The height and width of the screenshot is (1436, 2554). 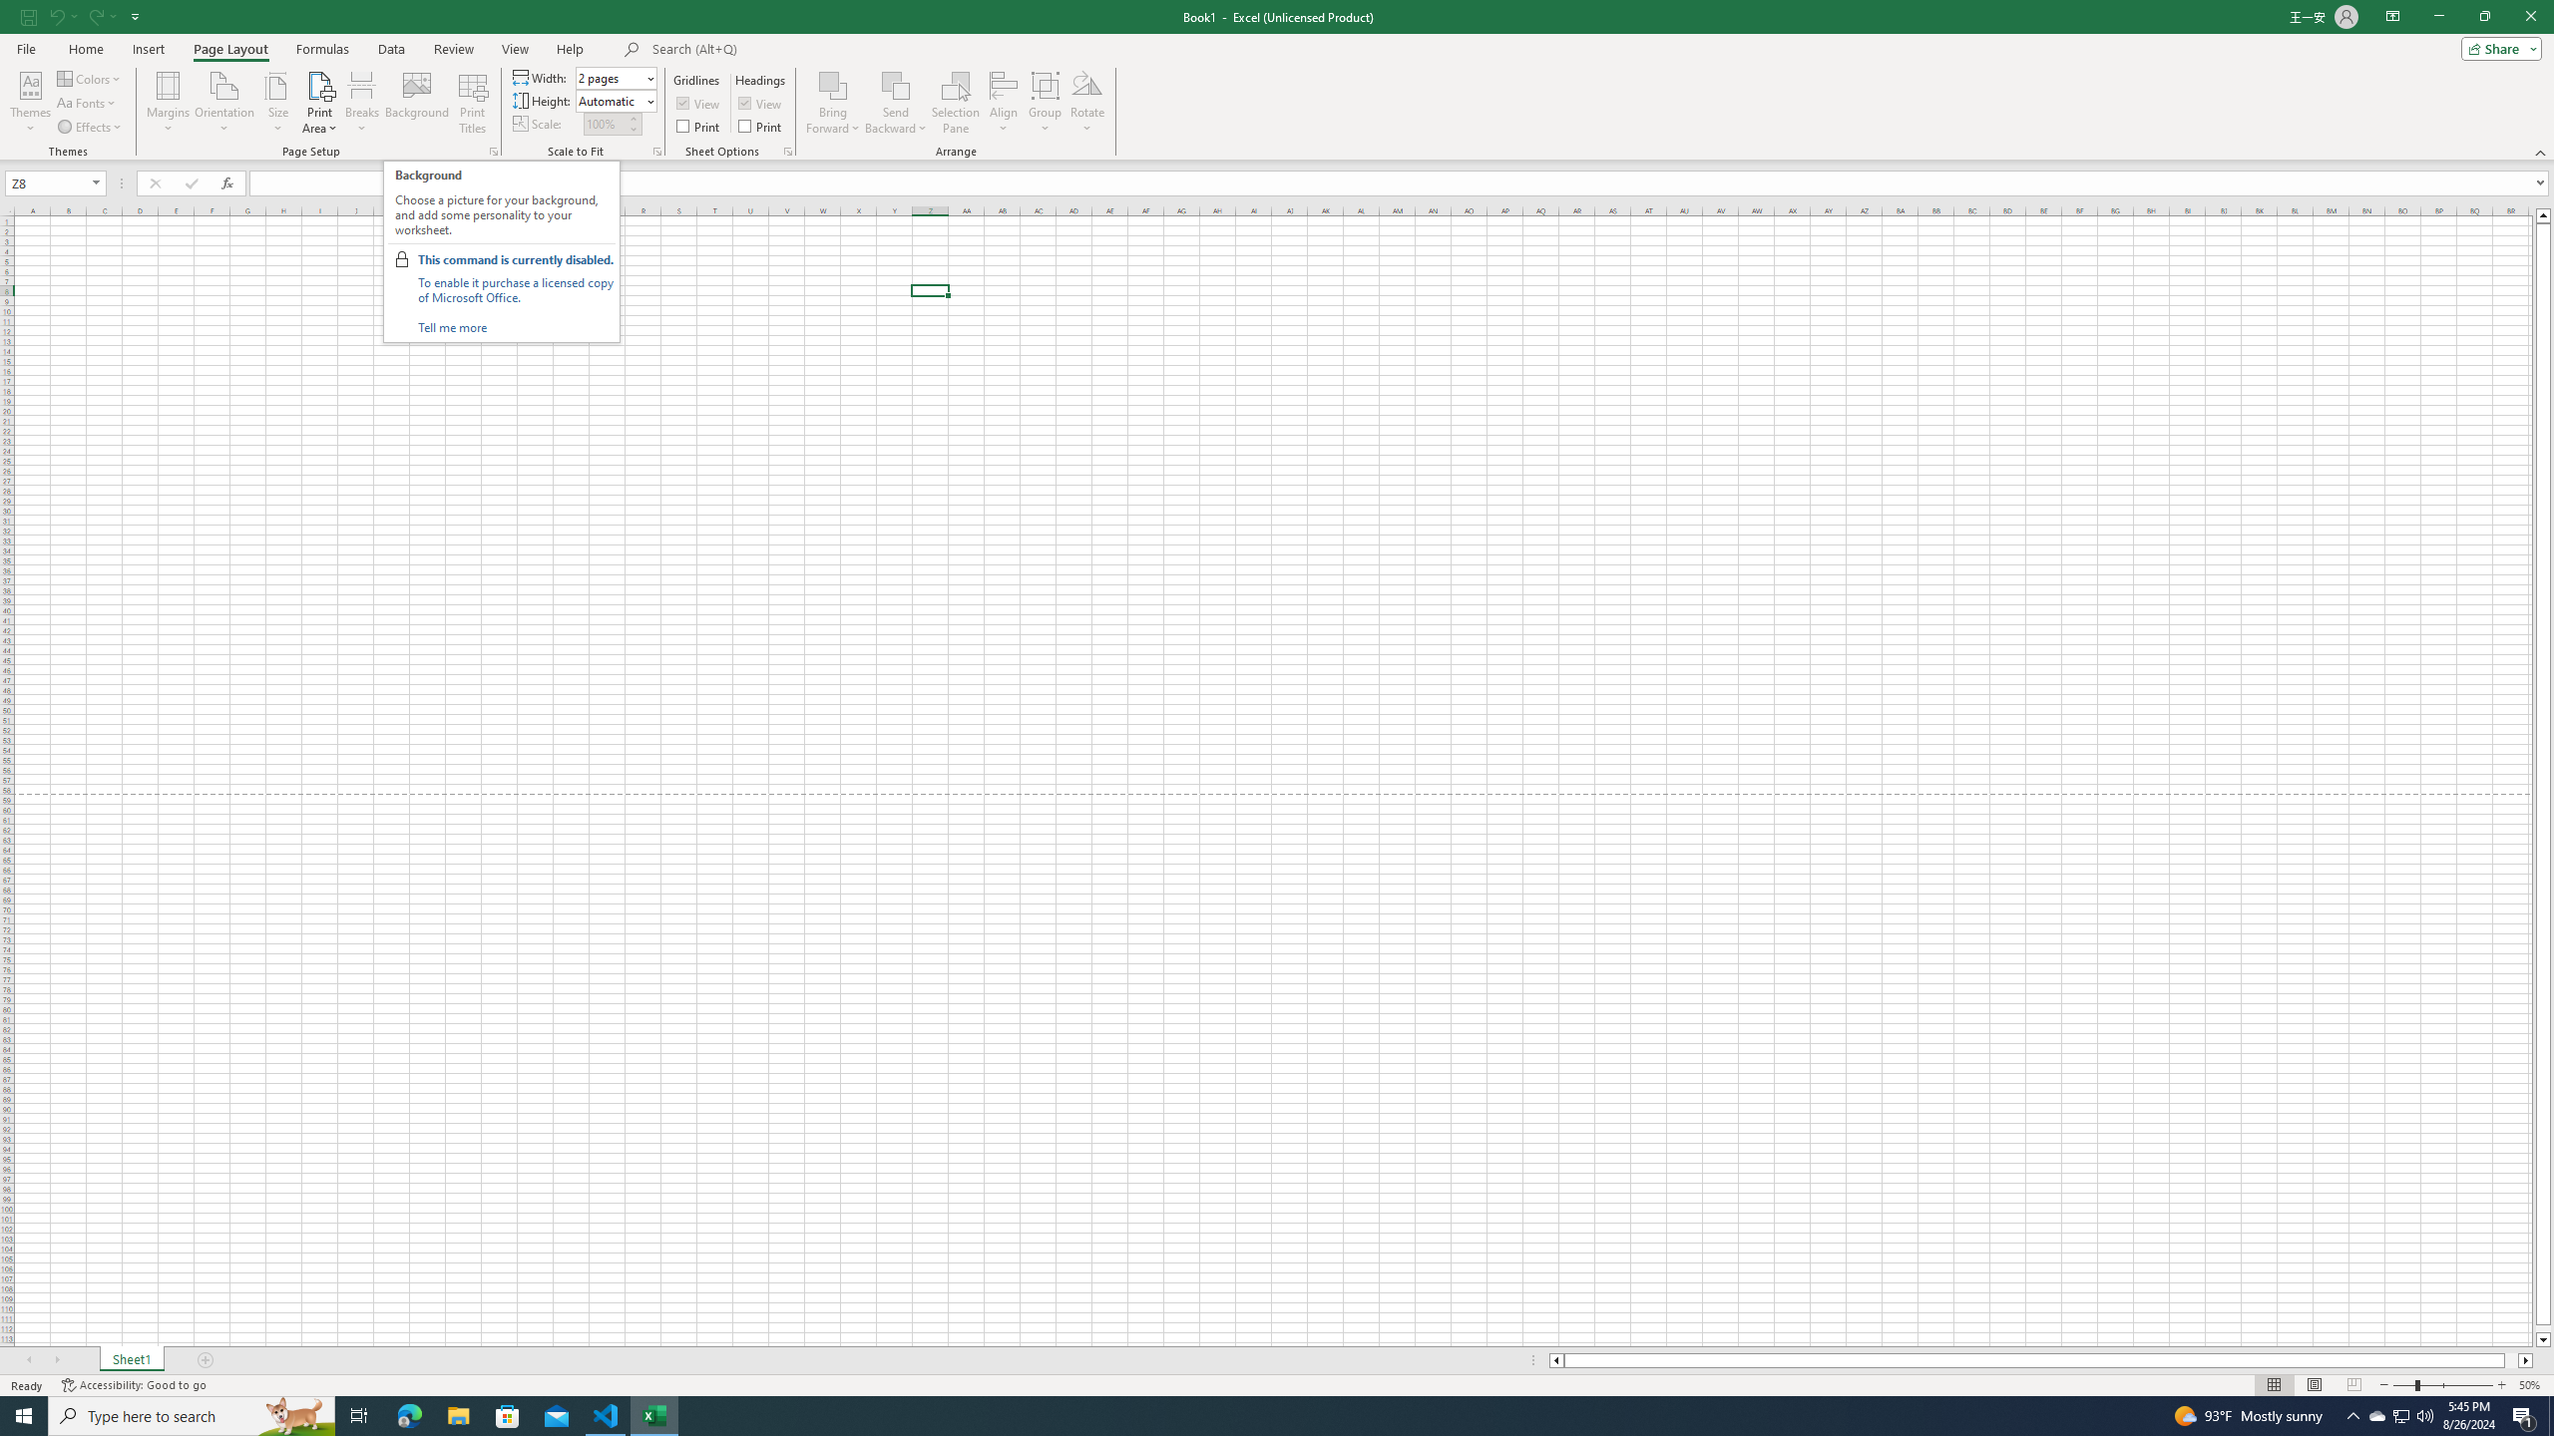 What do you see at coordinates (632, 129) in the screenshot?
I see `'Less'` at bounding box center [632, 129].